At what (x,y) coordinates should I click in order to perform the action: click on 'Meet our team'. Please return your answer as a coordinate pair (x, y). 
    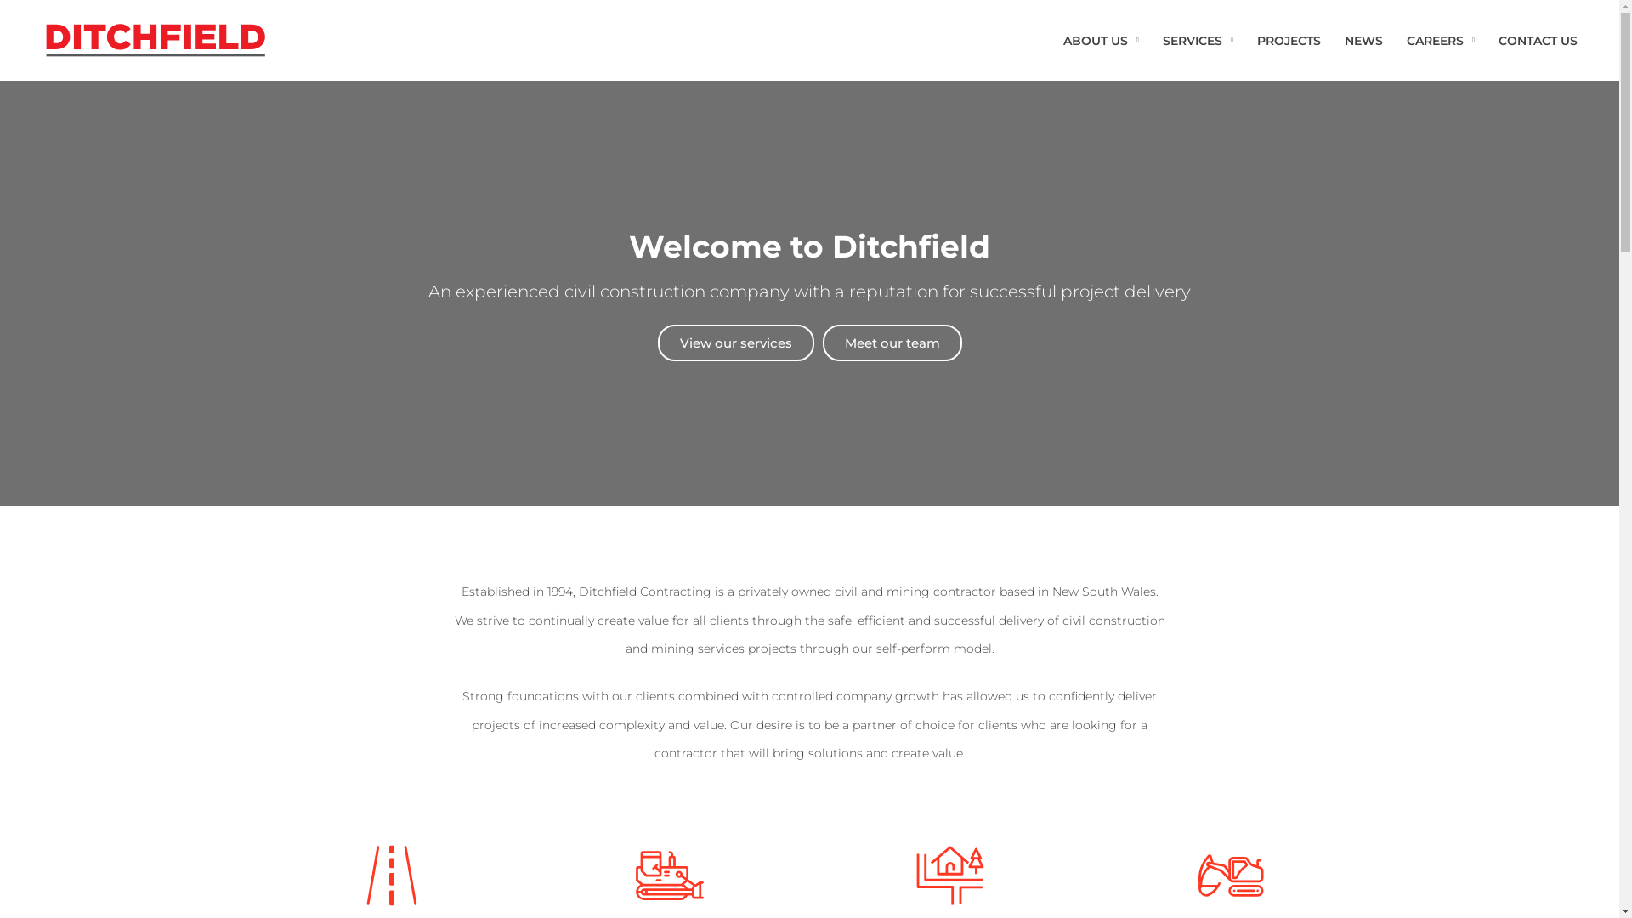
    Looking at the image, I should click on (892, 343).